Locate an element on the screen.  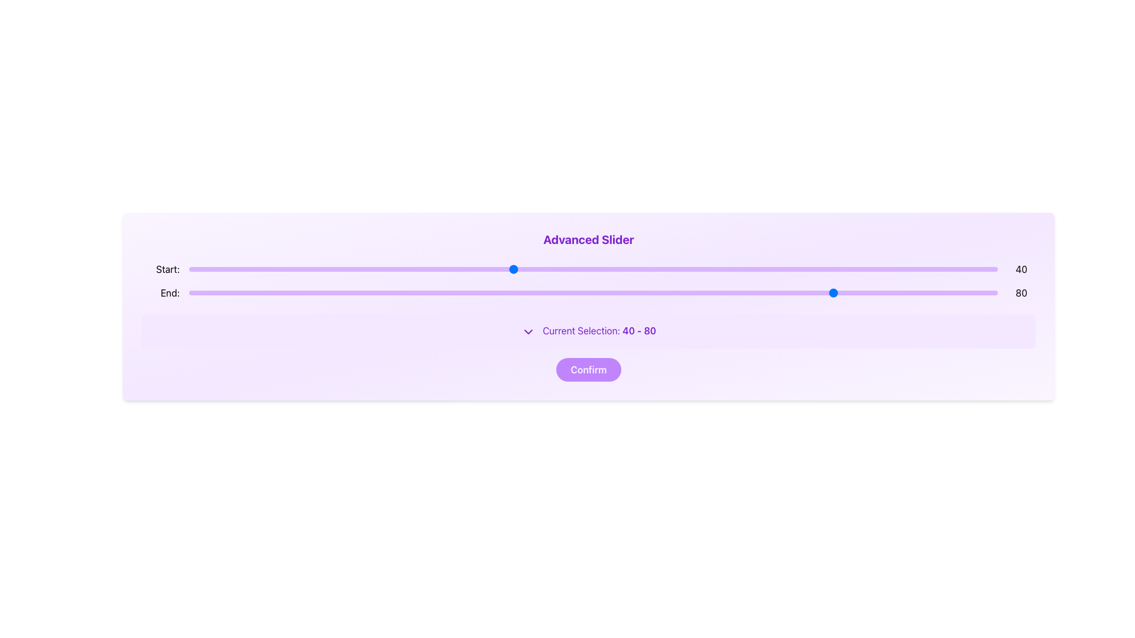
the advanced slider is located at coordinates (973, 269).